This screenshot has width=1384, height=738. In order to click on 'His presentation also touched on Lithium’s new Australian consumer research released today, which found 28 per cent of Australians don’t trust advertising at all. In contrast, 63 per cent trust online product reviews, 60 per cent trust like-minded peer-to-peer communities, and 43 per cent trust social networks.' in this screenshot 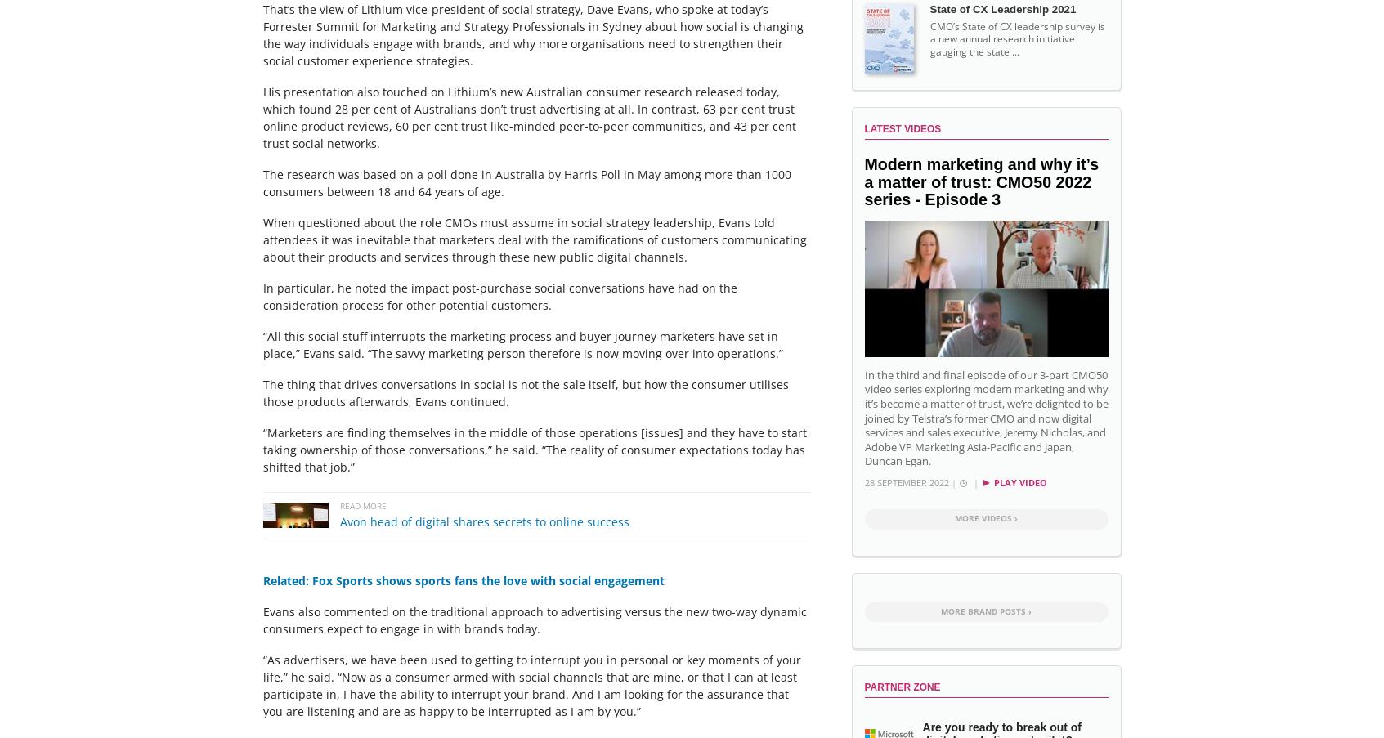, I will do `click(529, 116)`.